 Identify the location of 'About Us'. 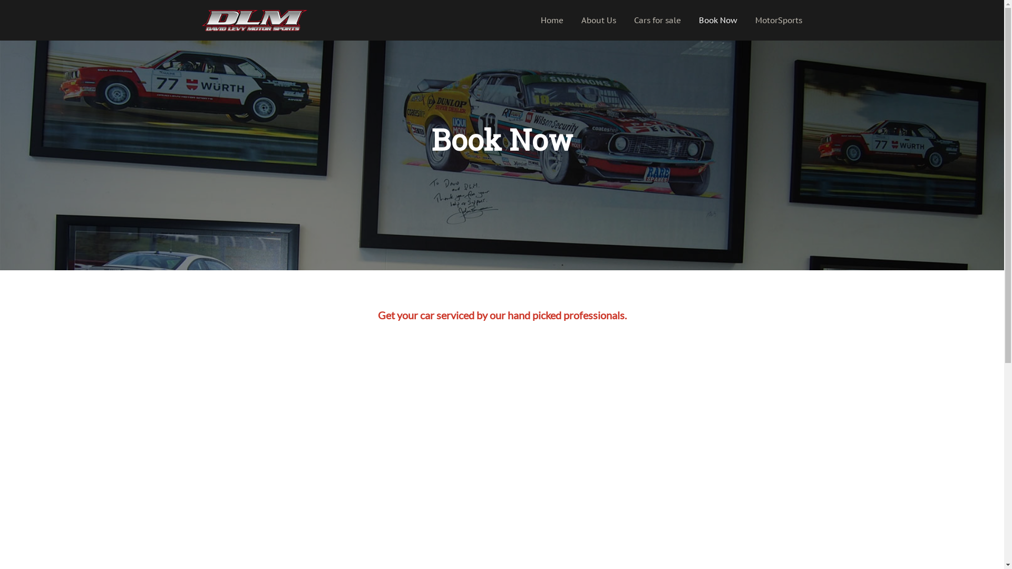
(599, 20).